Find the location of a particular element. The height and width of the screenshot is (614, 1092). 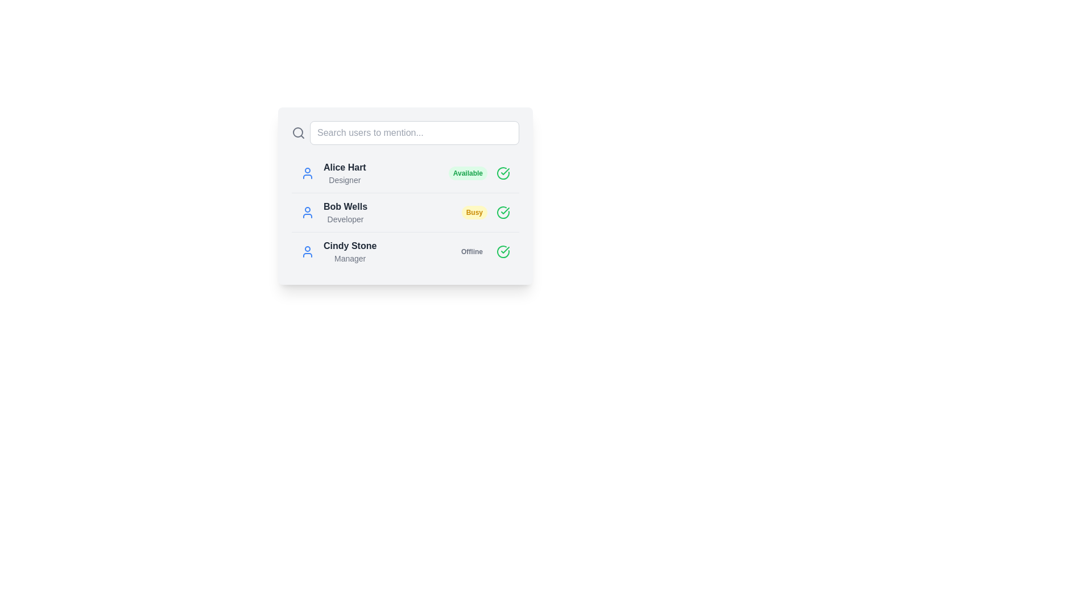

the confirmation icon indicating the 'Available' status of the user, located in the first row next to the 'Available' label is located at coordinates (502, 173).